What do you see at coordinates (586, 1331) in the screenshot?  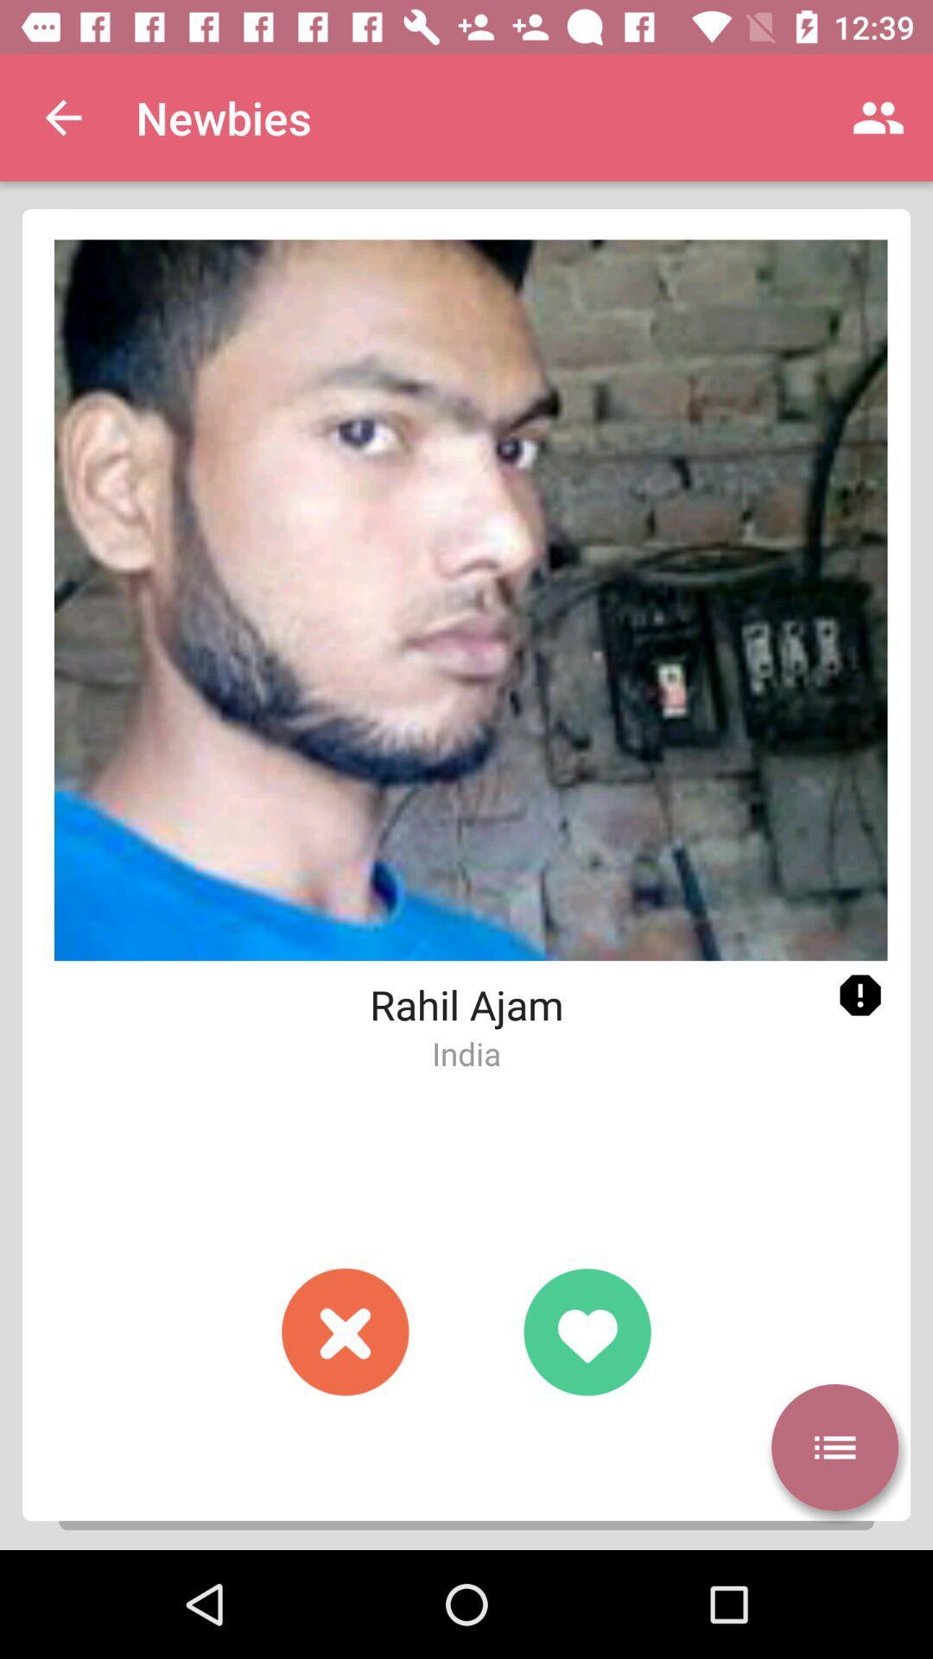 I see `swipe right i like them` at bounding box center [586, 1331].